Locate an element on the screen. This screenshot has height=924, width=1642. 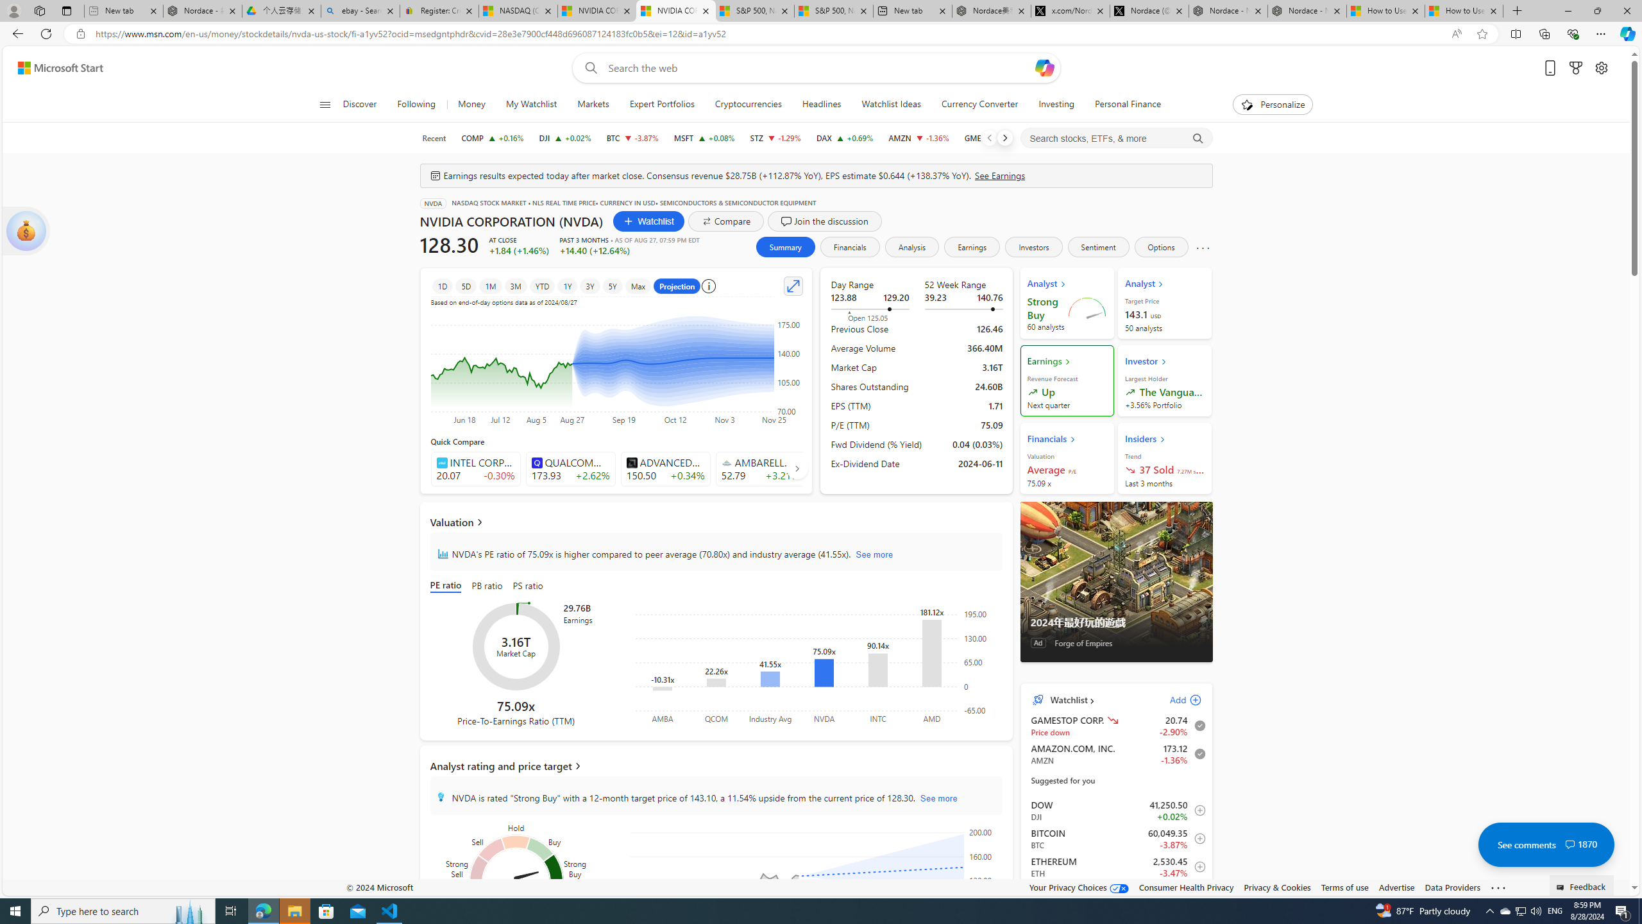
'AutomationID: finance_carousel_navi_arrow' is located at coordinates (797, 467).